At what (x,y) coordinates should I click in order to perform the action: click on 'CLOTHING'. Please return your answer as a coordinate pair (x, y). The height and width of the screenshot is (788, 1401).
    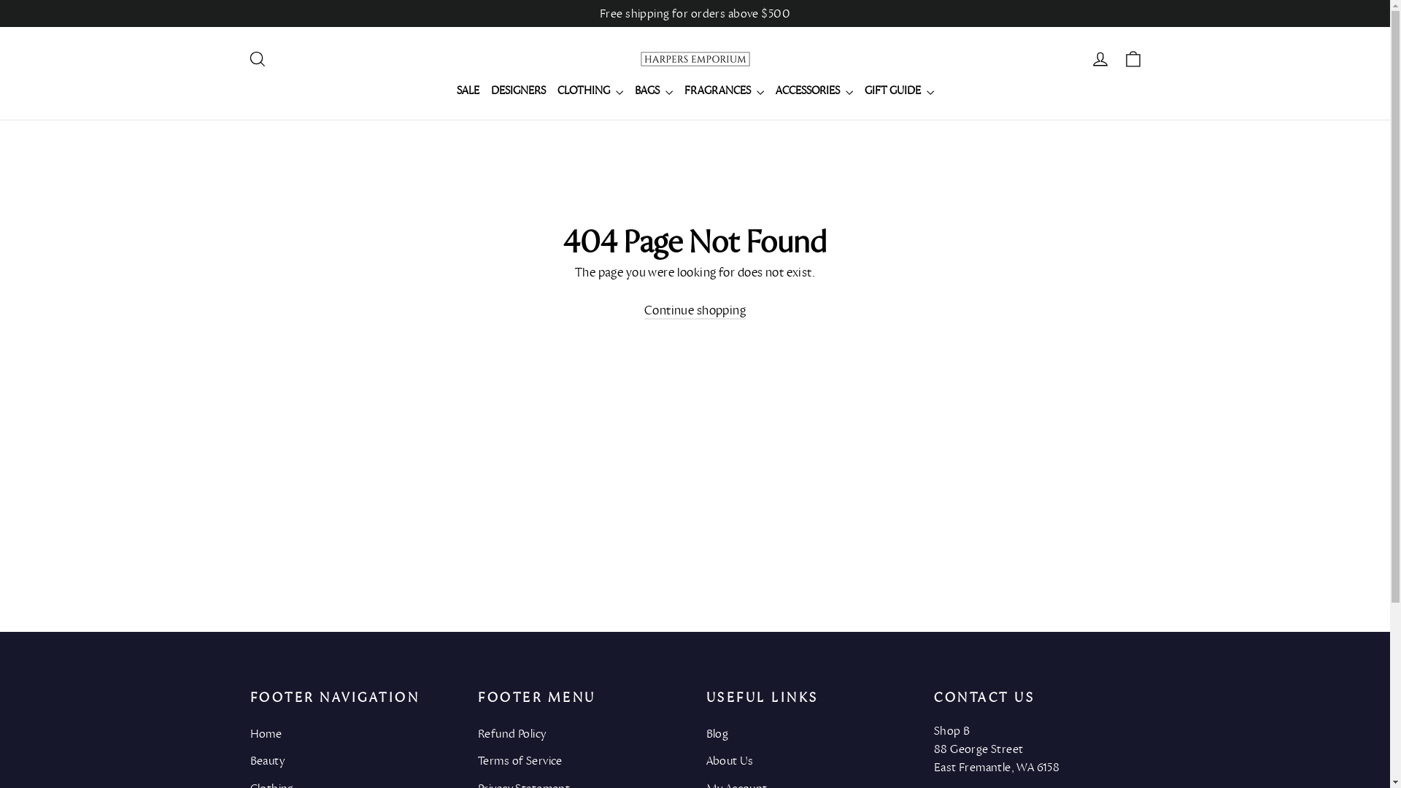
    Looking at the image, I should click on (590, 90).